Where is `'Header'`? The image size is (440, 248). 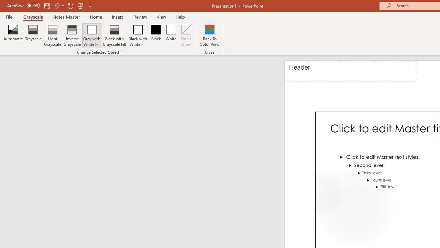
'Header' is located at coordinates (351, 71).